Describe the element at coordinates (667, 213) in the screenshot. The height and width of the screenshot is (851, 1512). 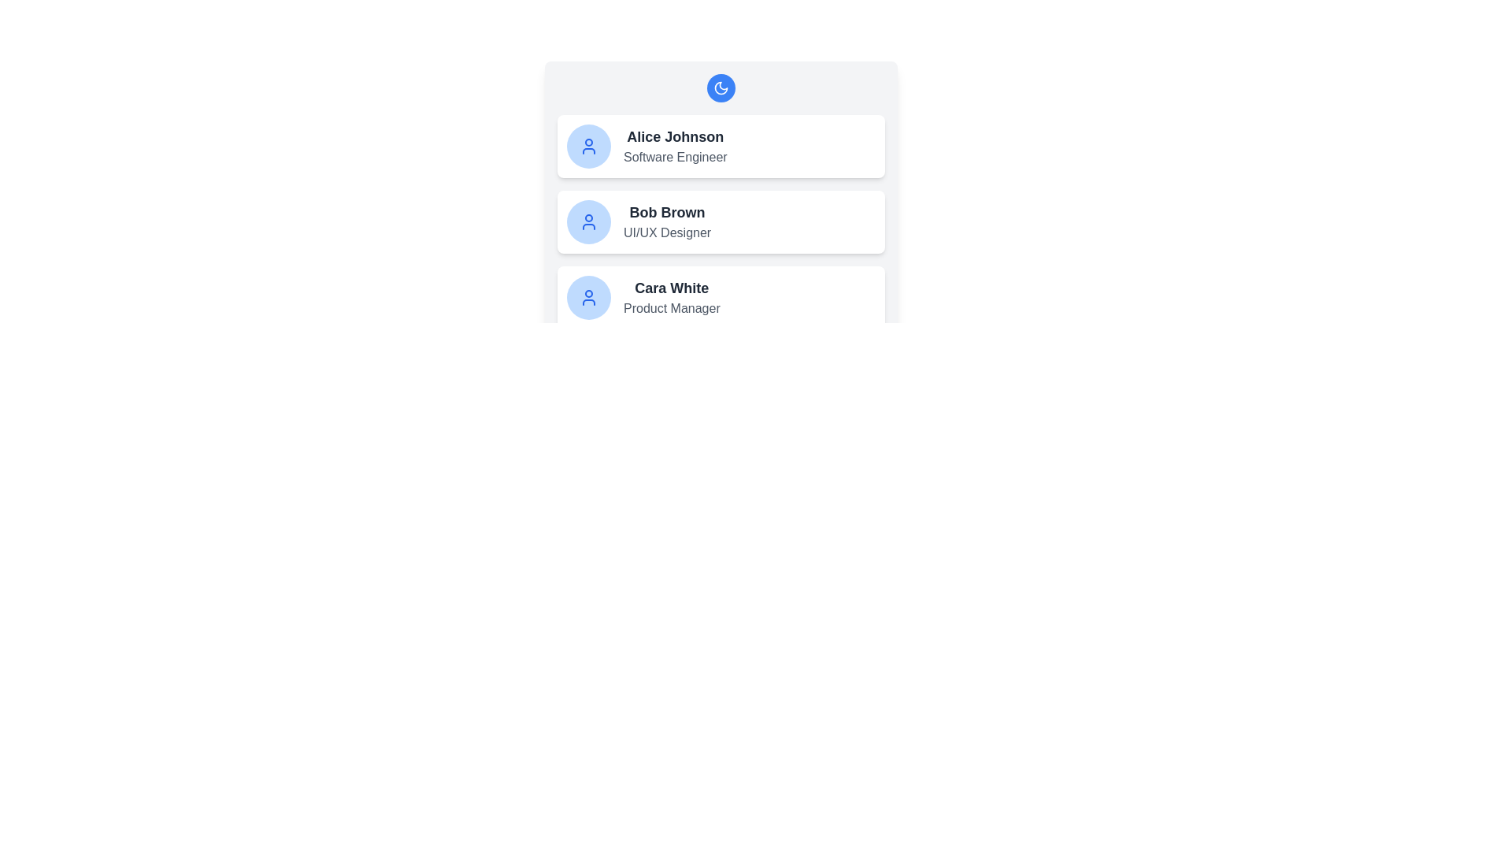
I see `the text element displaying 'Bob Brown', which is bold and prominently positioned above 'UI/UX Designer' in the listing interface` at that location.